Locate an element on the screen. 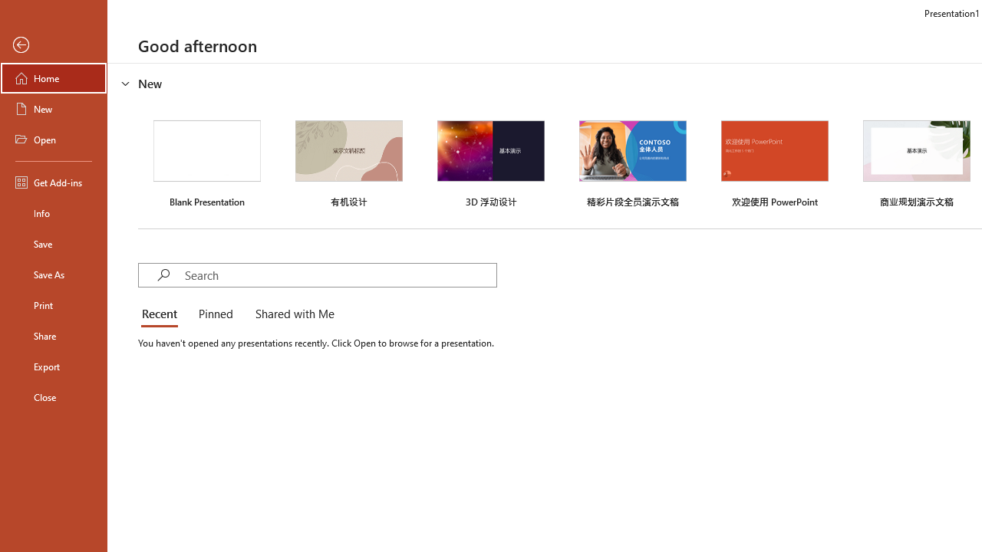 This screenshot has height=552, width=982. 'Pinned' is located at coordinates (214, 314).